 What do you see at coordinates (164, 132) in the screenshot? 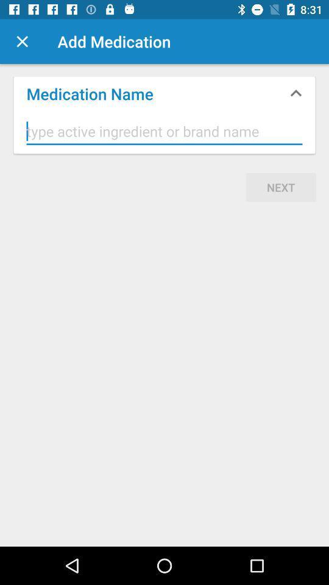
I see `icon above next item` at bounding box center [164, 132].